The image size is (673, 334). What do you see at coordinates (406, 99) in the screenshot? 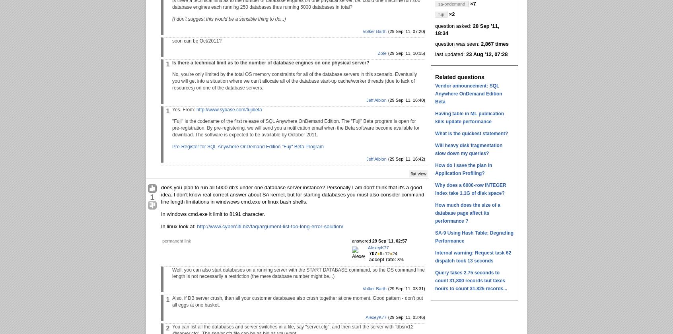
I see `'(29 Sep '11, 16:40)'` at bounding box center [406, 99].